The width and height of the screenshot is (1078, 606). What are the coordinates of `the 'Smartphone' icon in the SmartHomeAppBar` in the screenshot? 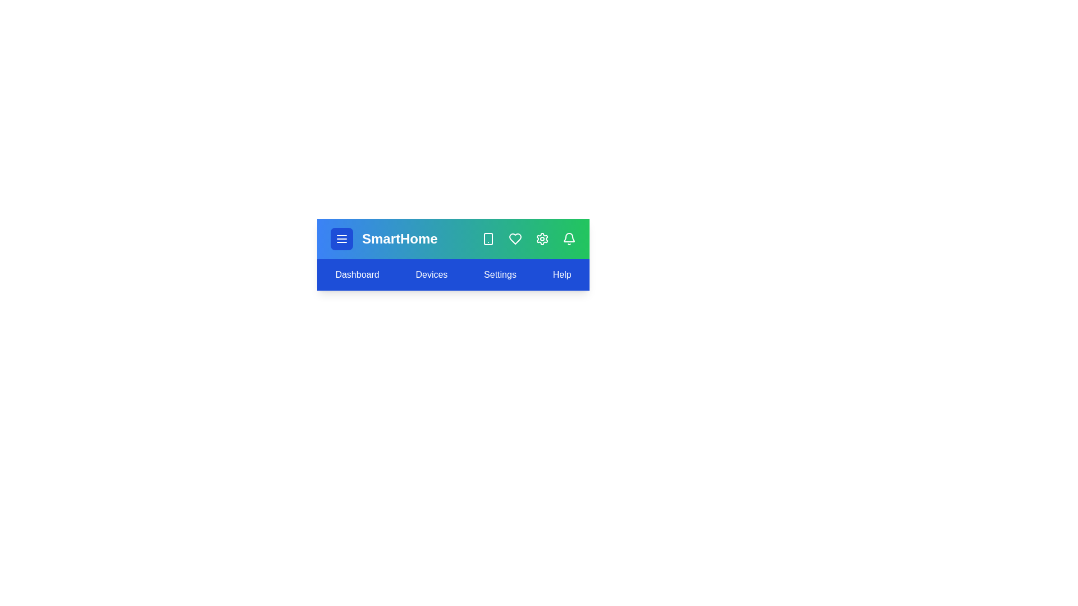 It's located at (488, 238).